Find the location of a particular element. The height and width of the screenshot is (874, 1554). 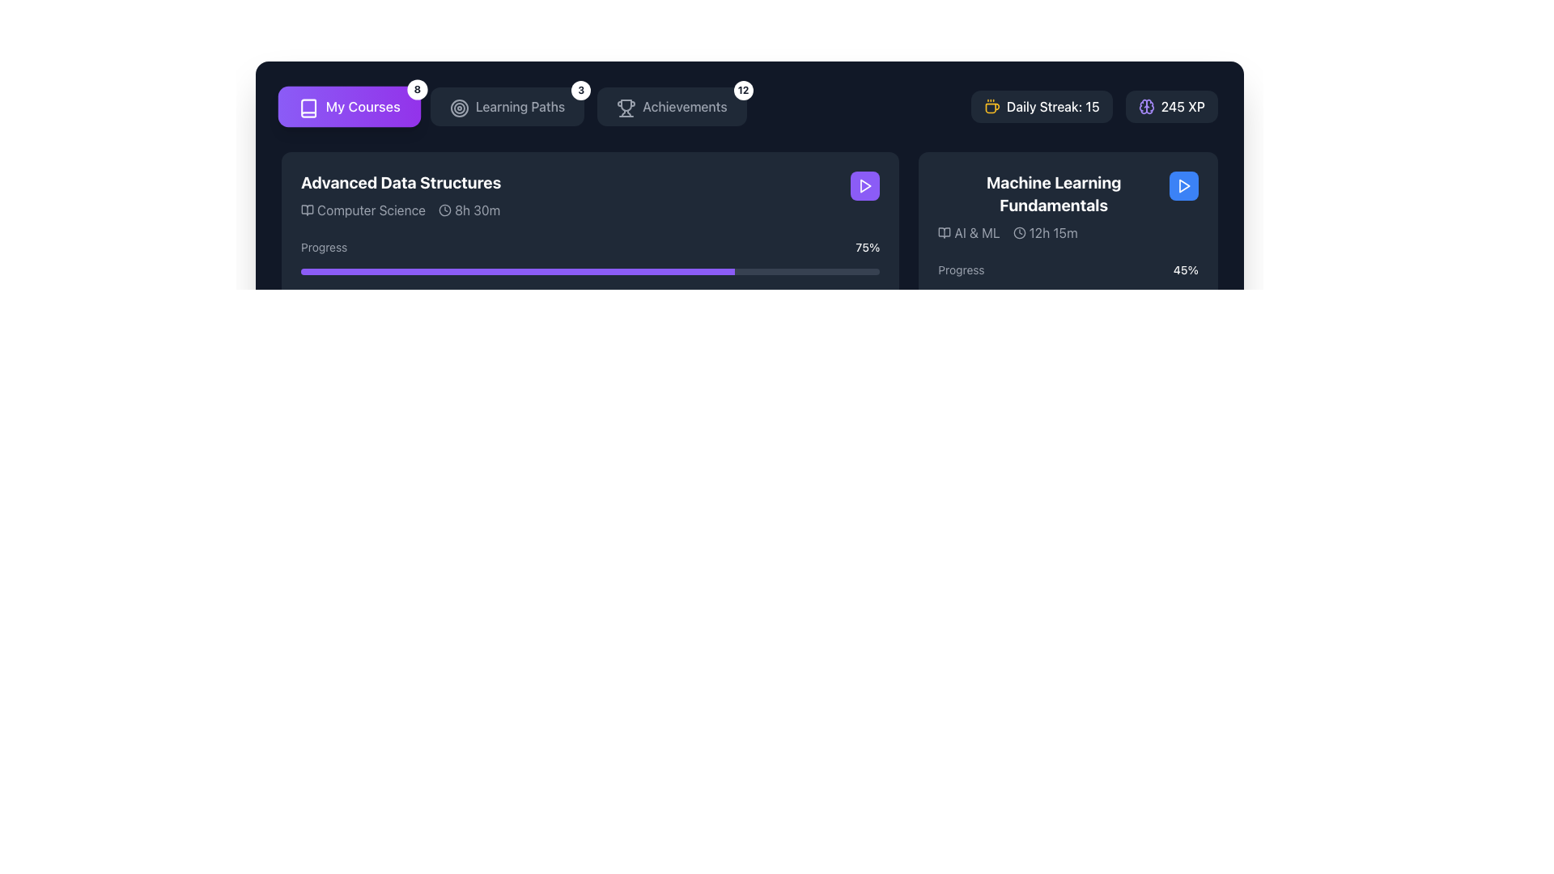

the triangular play icon within the circular purple button located at the top-right corner of the 'Advanced Data Structures' card is located at coordinates (864, 185).